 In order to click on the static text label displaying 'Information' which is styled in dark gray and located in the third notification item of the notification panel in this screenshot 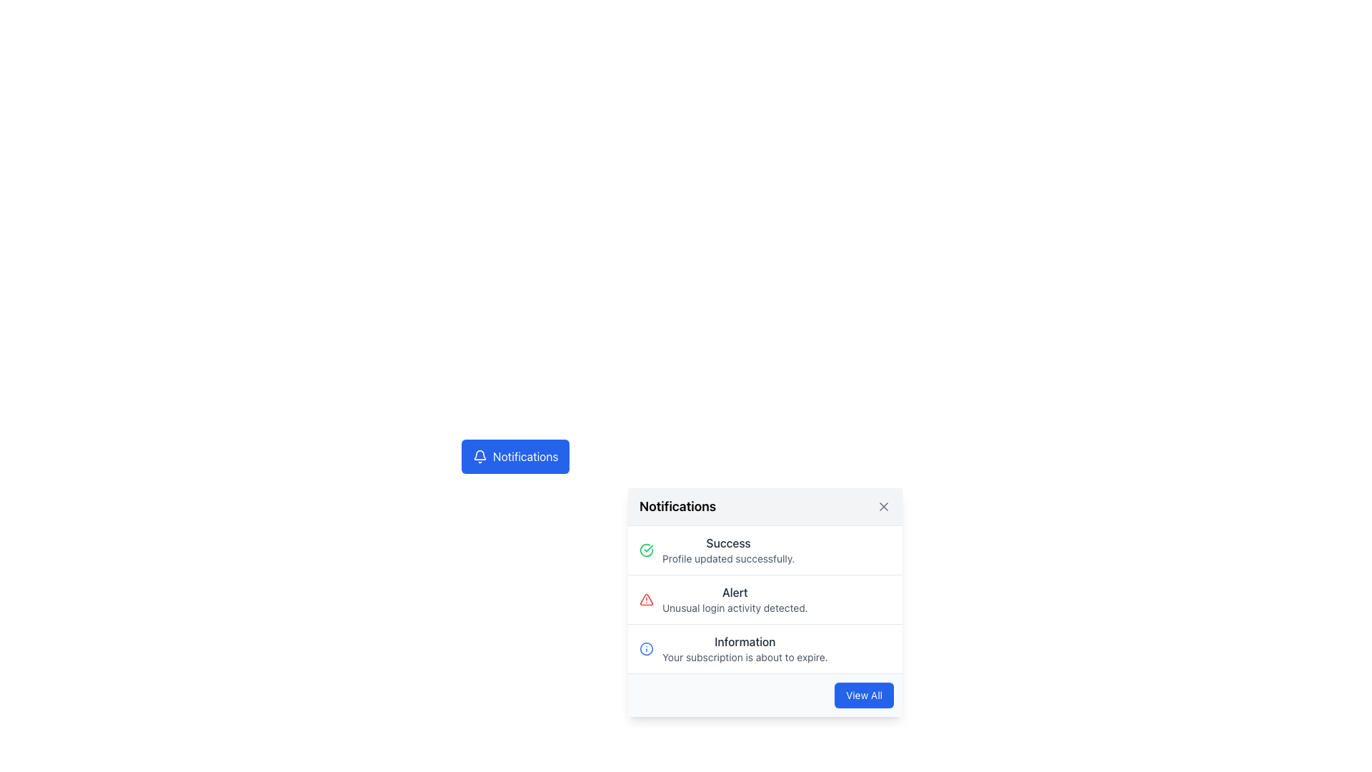, I will do `click(744, 641)`.